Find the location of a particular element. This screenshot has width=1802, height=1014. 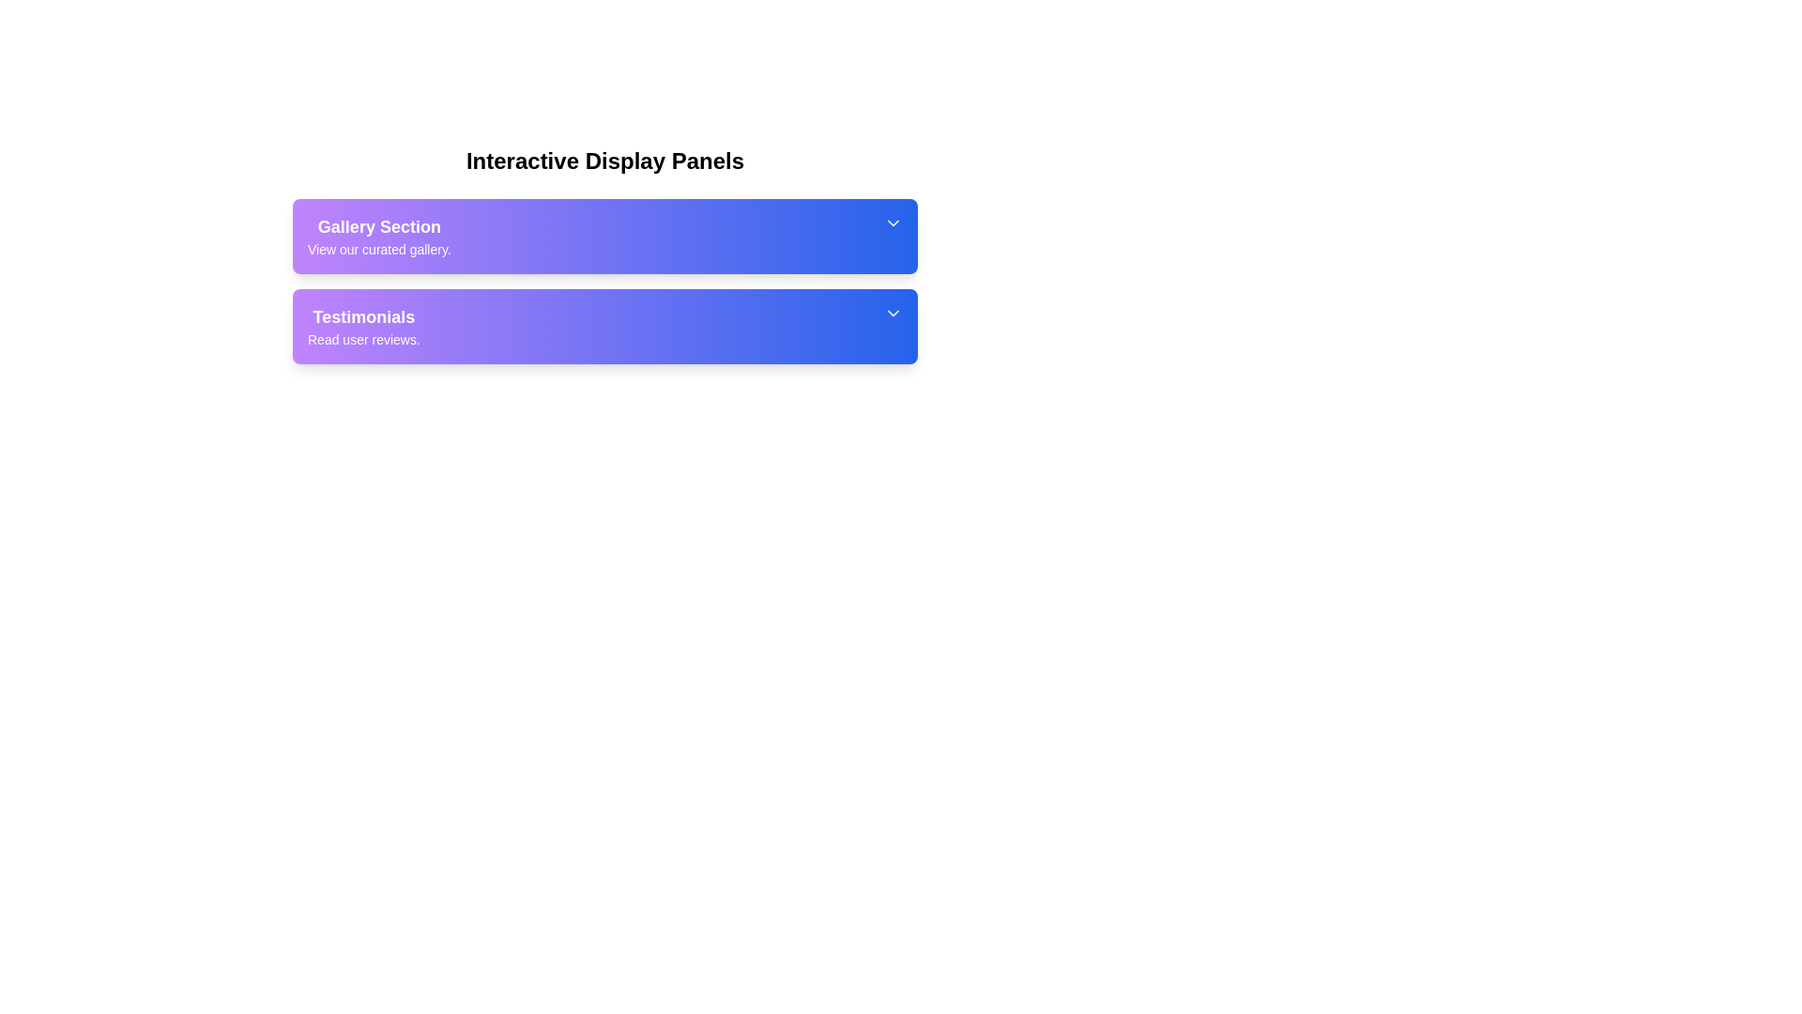

the chevron icon at the rightmost side of the 'Gallery Section' header is located at coordinates (892, 223).